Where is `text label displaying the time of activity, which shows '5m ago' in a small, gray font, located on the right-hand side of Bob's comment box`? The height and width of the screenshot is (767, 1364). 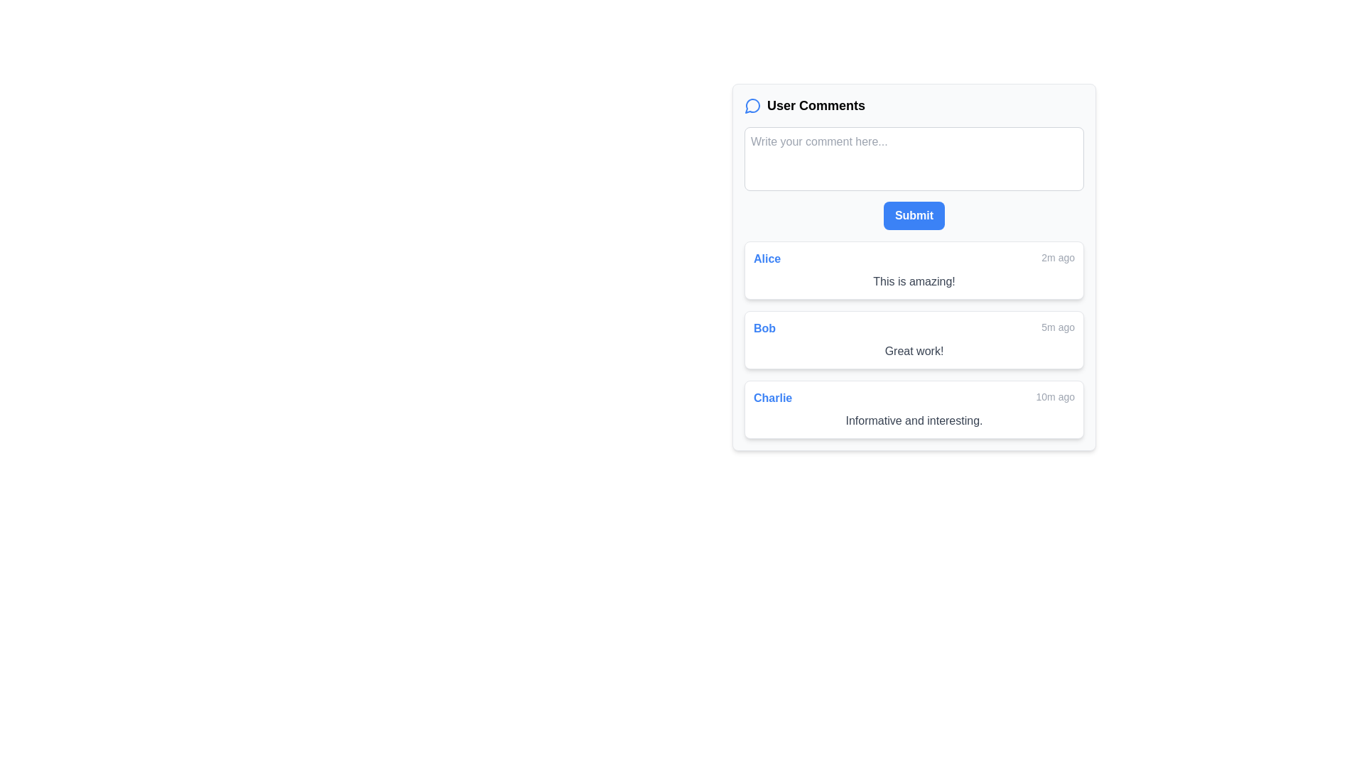 text label displaying the time of activity, which shows '5m ago' in a small, gray font, located on the right-hand side of Bob's comment box is located at coordinates (1058, 328).